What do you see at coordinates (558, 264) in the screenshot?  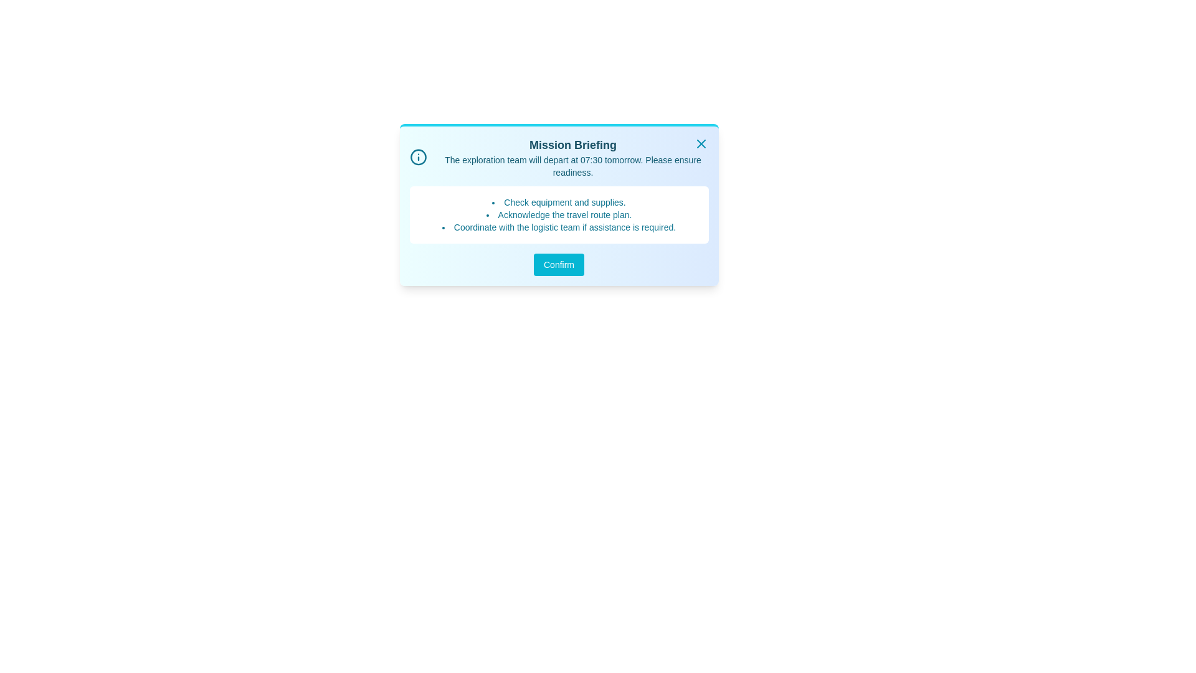 I see `'Confirm' button to acknowledge the mission briefing` at bounding box center [558, 264].